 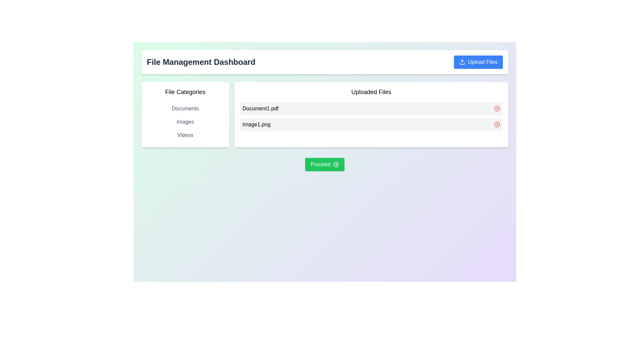 What do you see at coordinates (497, 108) in the screenshot?
I see `the graphical icon, which is a circle with a solid border enclosing an 'X' mark, located in the right section of the 'Uploaded Files' list next to 'Document1.pdf'` at bounding box center [497, 108].